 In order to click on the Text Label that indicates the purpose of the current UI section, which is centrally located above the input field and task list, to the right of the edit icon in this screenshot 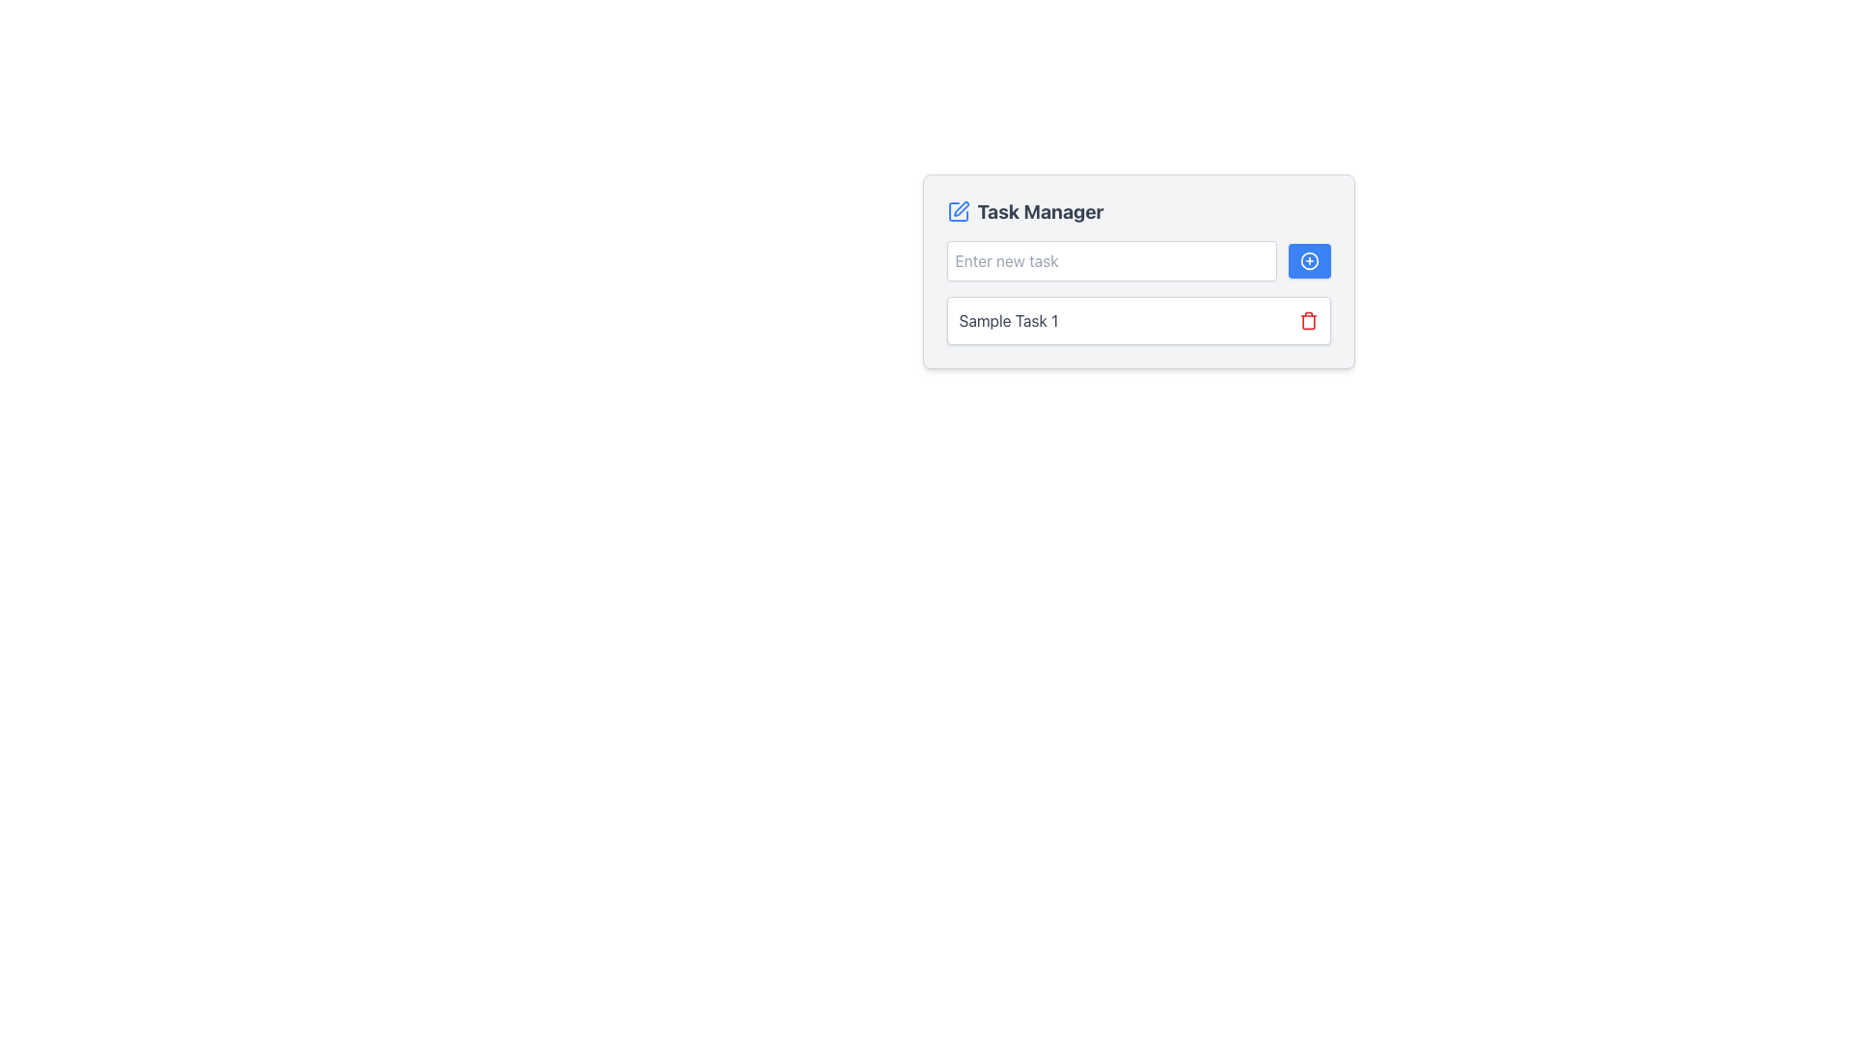, I will do `click(1040, 211)`.